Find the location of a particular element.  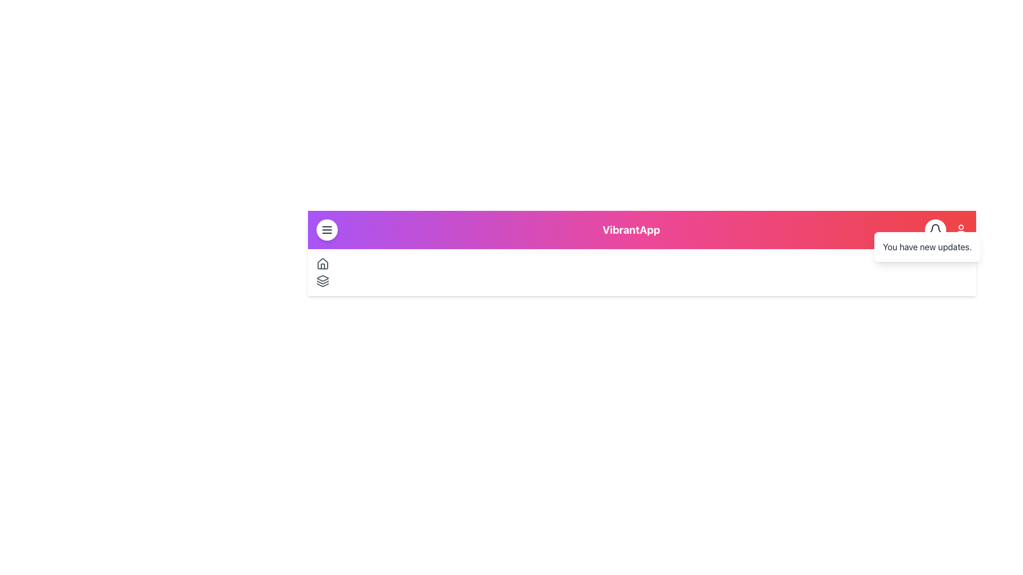

the small user profile icon, which is represented by an outlined figure of a person within a red circular background, located in the top-right corner of the interface is located at coordinates (961, 229).